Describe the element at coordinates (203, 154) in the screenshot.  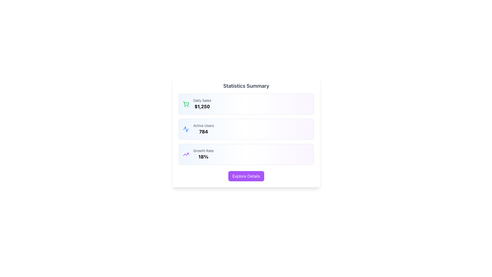
I see `the text display element labeled 'Growth Rate' showing the value '18%', which is the third card in a vertical list, located in the lower central area of the interface` at that location.